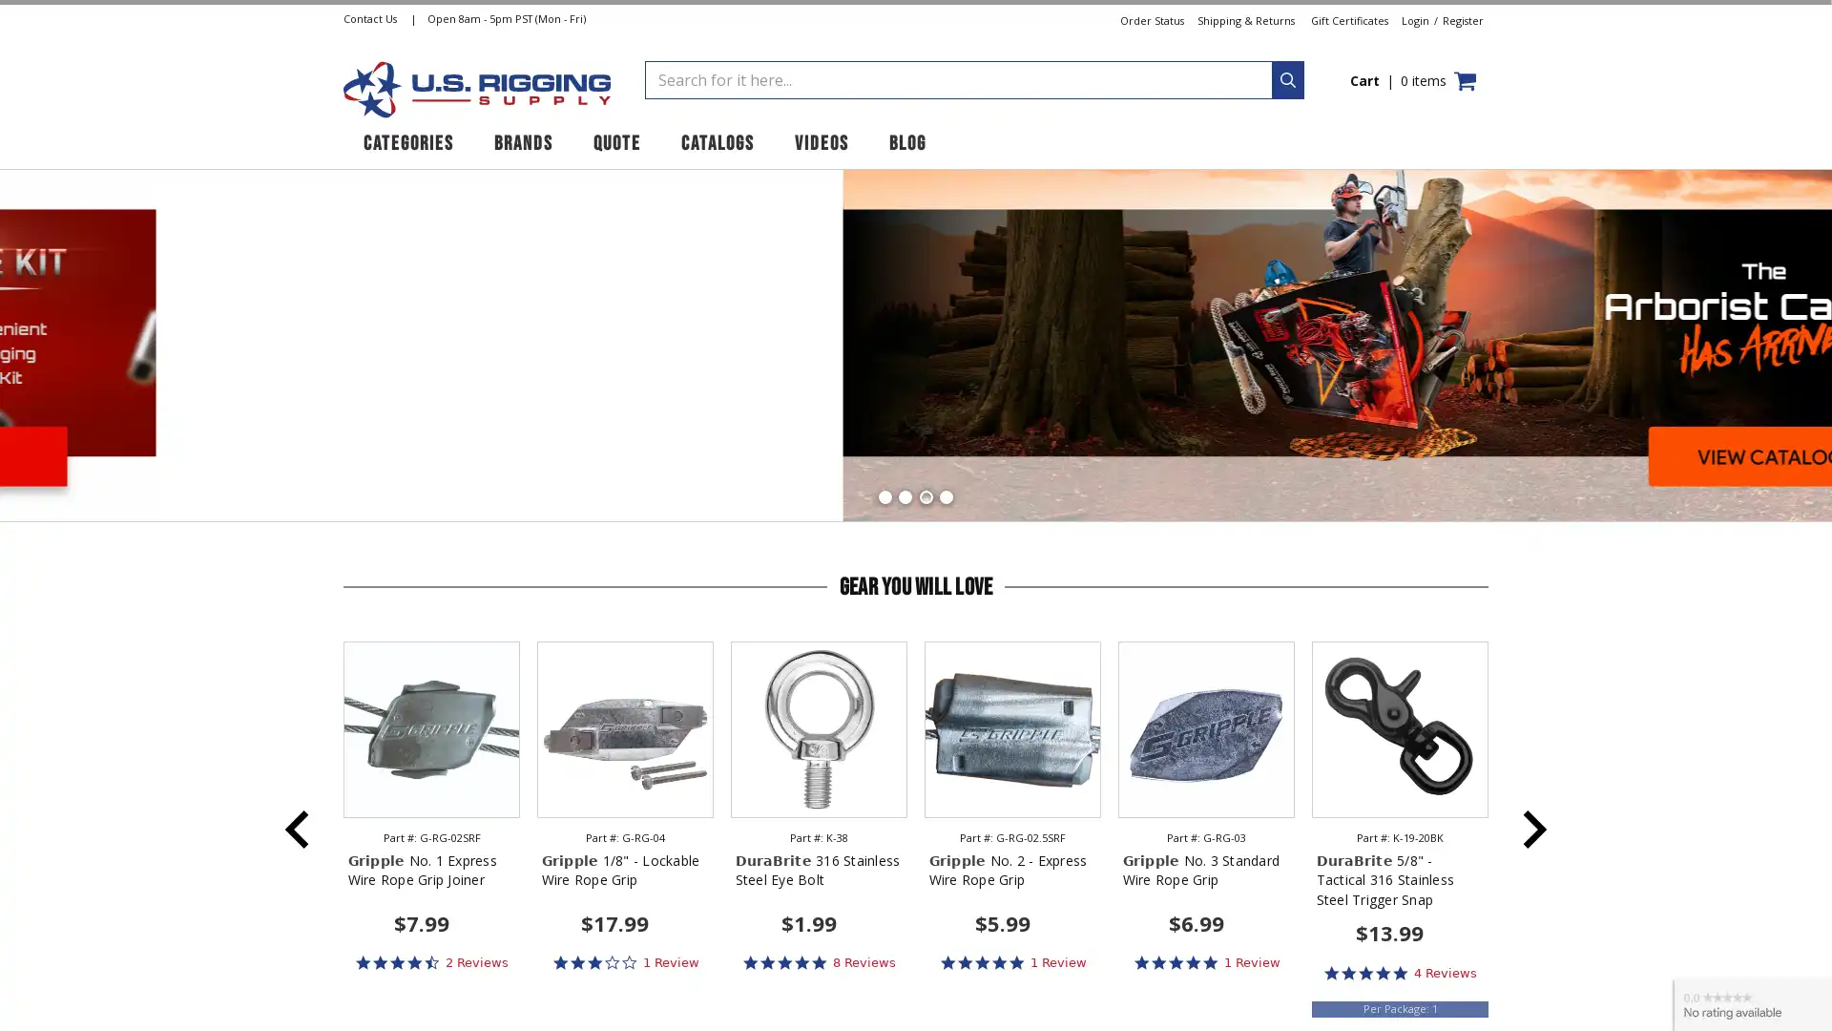  Describe the element at coordinates (297, 827) in the screenshot. I see `previous` at that location.